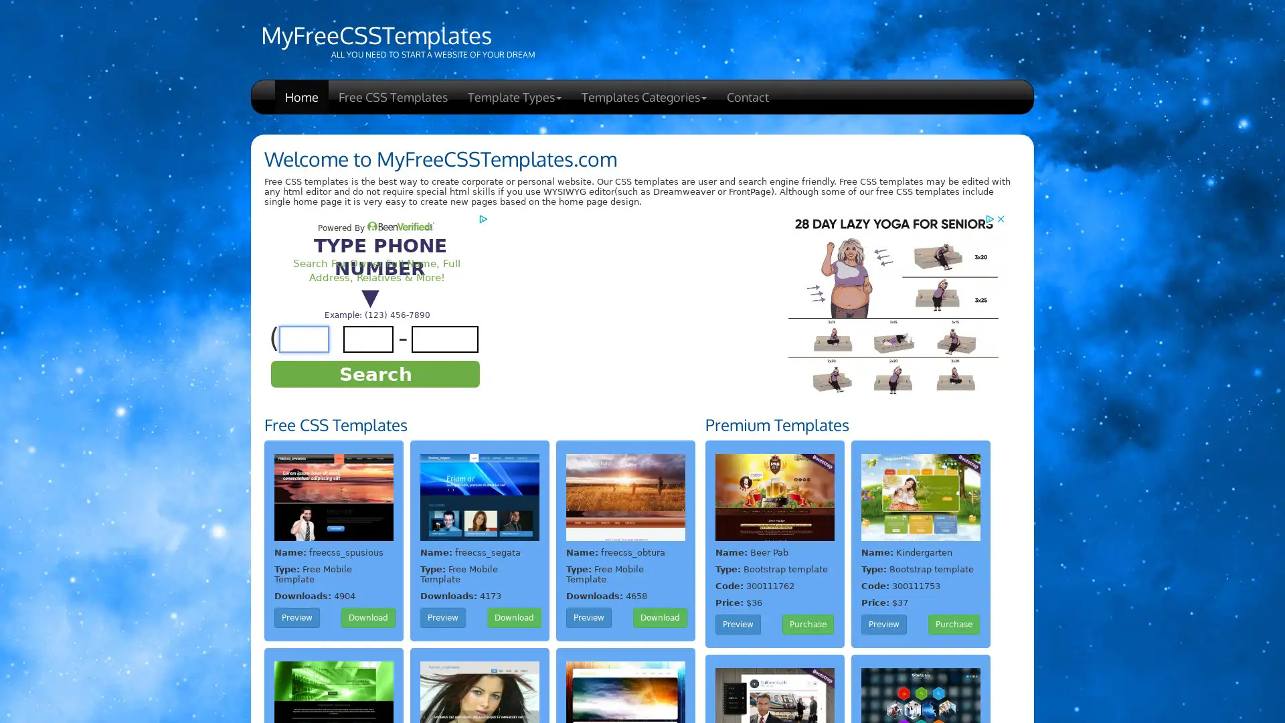  What do you see at coordinates (588, 617) in the screenshot?
I see `Preview` at bounding box center [588, 617].